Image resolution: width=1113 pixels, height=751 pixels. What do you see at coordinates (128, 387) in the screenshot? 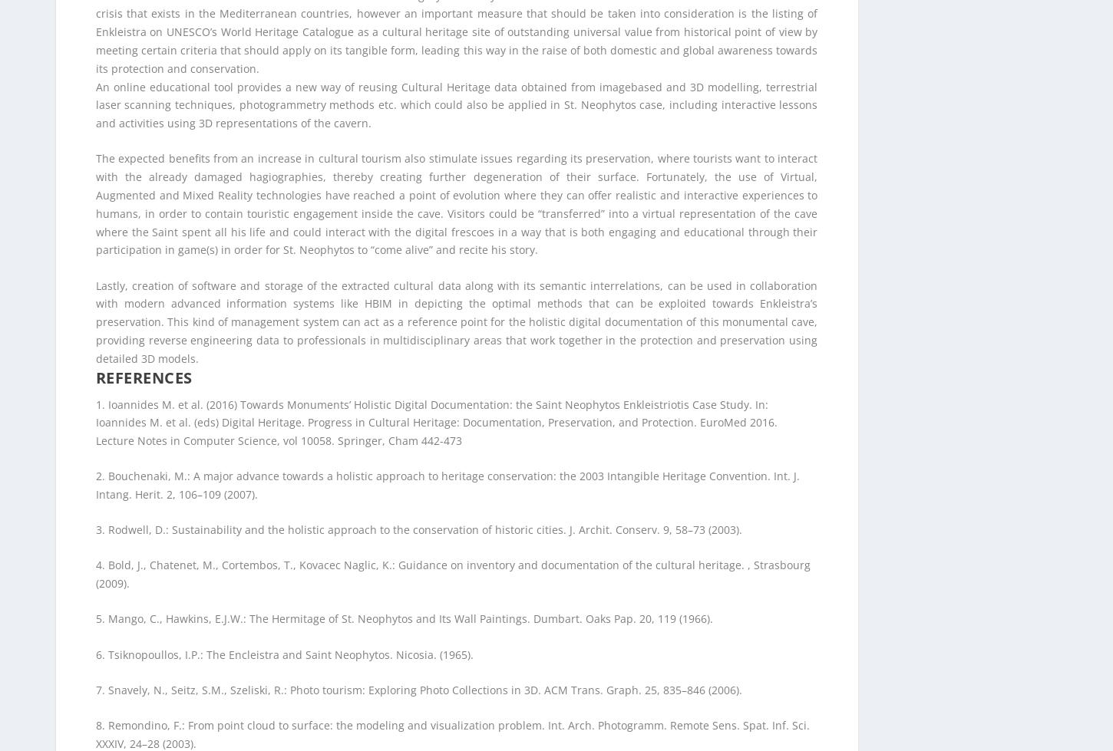
I see `'Author'` at bounding box center [128, 387].